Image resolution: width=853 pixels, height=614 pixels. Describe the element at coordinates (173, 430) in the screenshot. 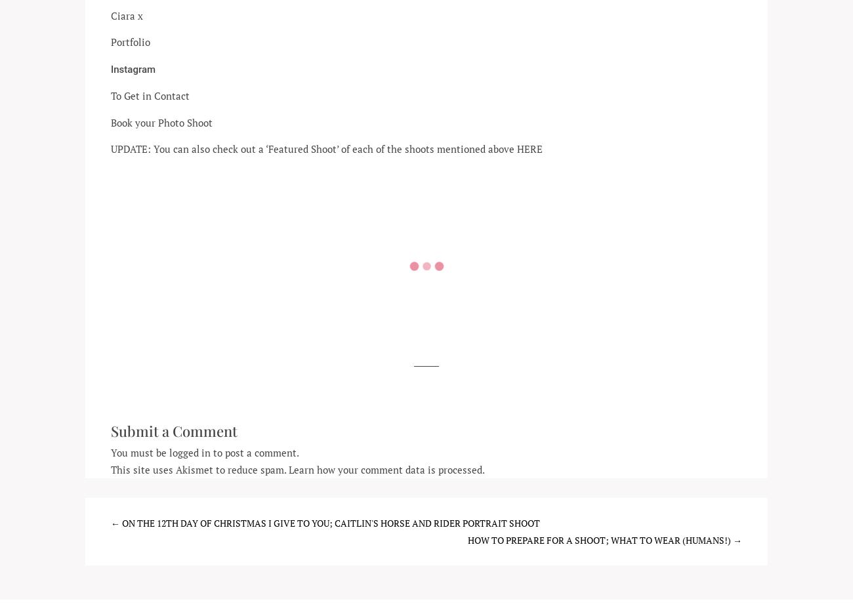

I see `'Submit a Comment'` at that location.